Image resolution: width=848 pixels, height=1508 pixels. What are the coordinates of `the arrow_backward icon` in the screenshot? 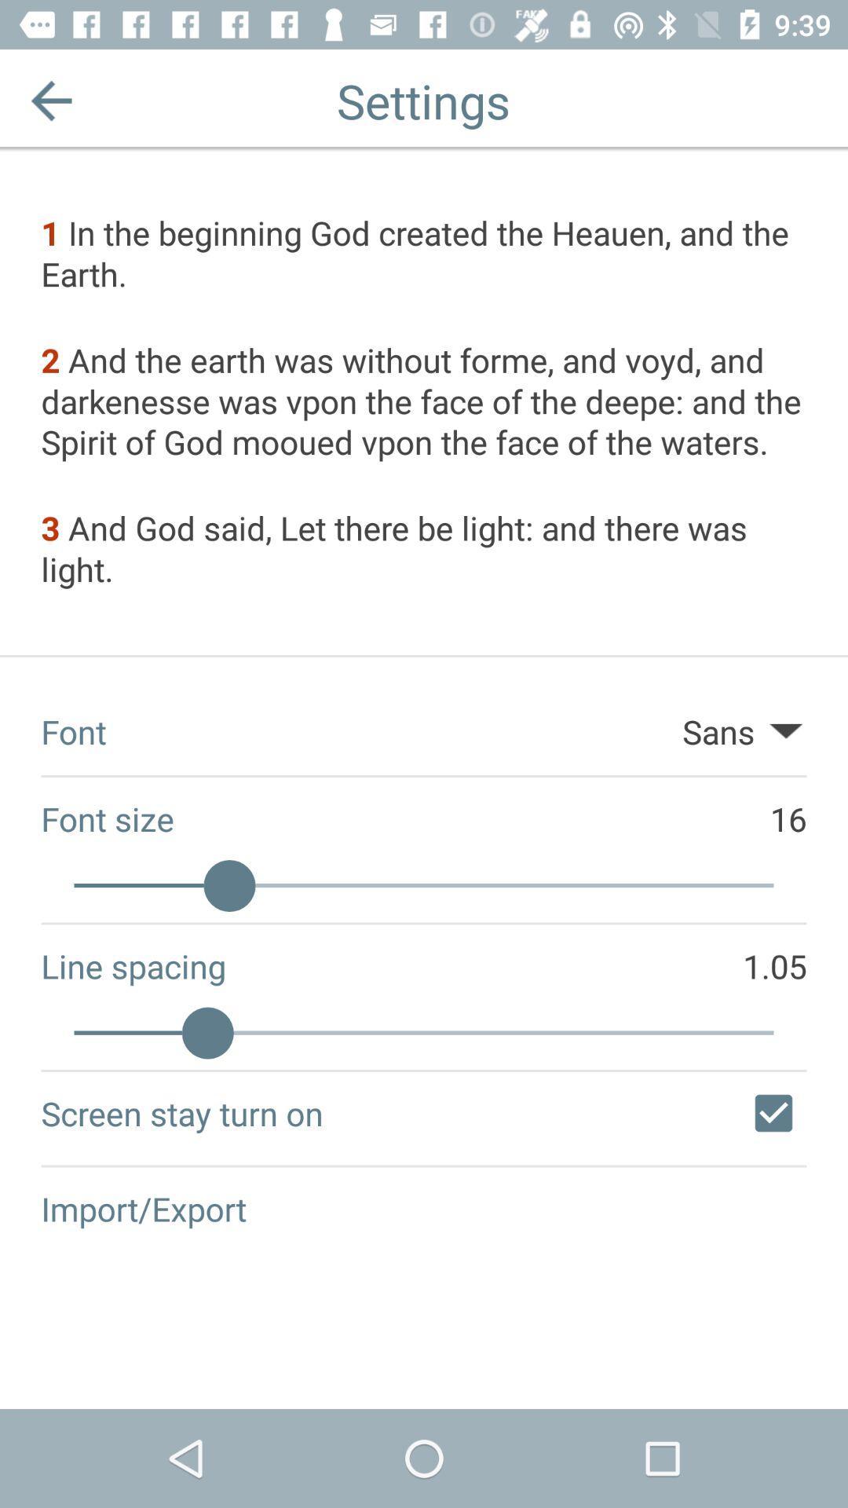 It's located at (50, 100).